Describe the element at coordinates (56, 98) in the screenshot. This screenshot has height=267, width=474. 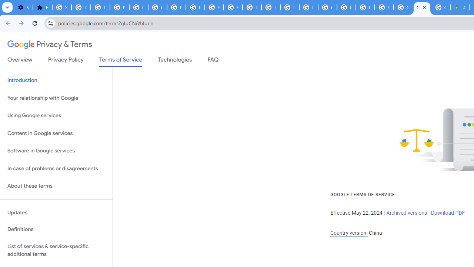
I see `'Your relationship with Google'` at that location.